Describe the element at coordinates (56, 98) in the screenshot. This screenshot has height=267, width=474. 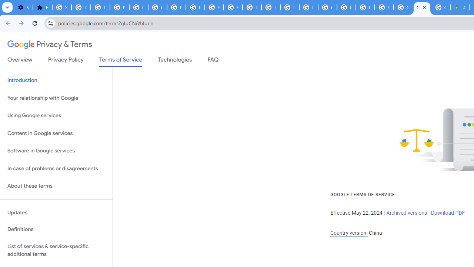
I see `'Your relationship with Google'` at that location.